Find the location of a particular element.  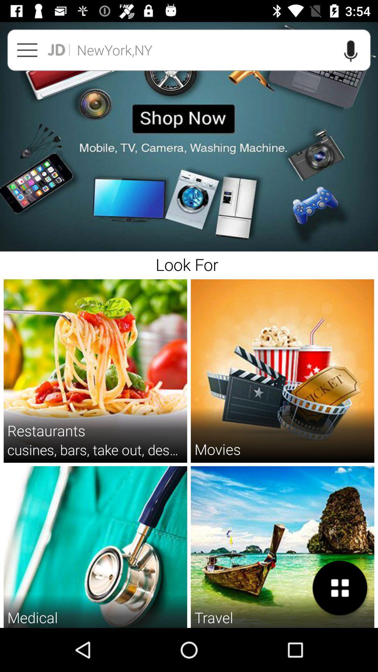

travel item is located at coordinates (213, 617).